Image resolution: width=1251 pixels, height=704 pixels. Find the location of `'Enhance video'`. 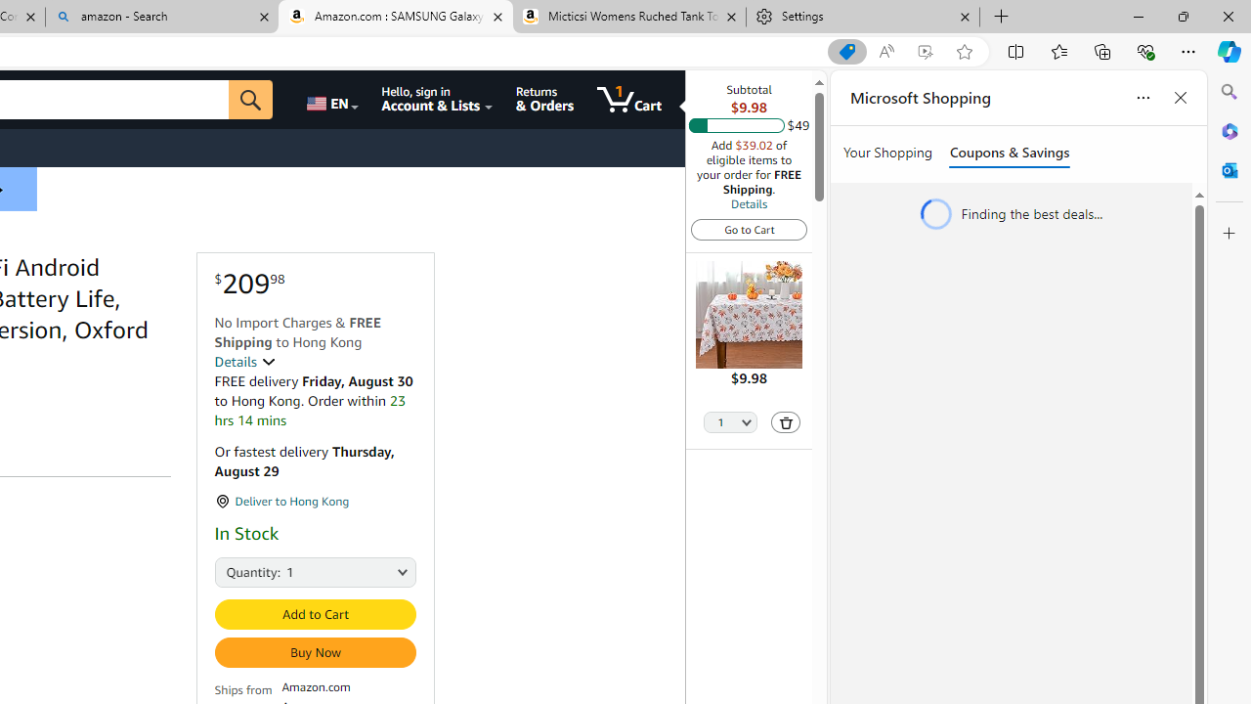

'Enhance video' is located at coordinates (924, 51).